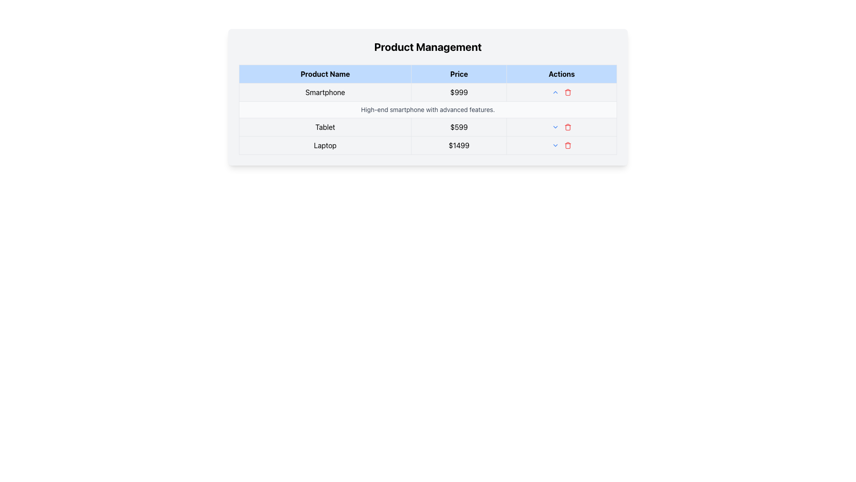  Describe the element at coordinates (568, 127) in the screenshot. I see `the trash icon button in the 'Actions' column of the second product row labeled 'Tablet'` at that location.